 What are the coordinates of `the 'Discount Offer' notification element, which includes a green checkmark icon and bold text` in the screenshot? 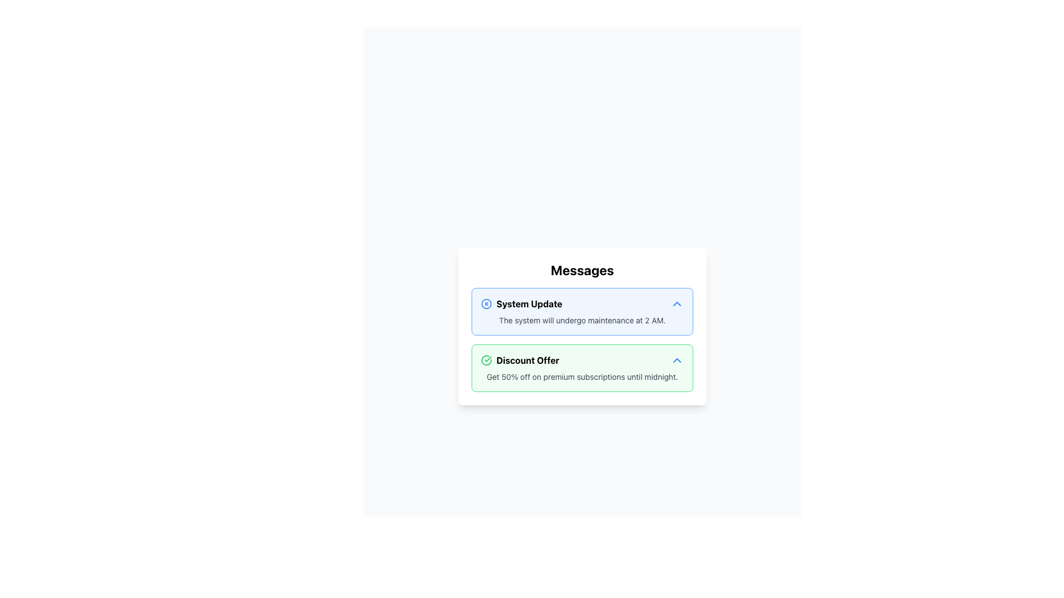 It's located at (519, 360).